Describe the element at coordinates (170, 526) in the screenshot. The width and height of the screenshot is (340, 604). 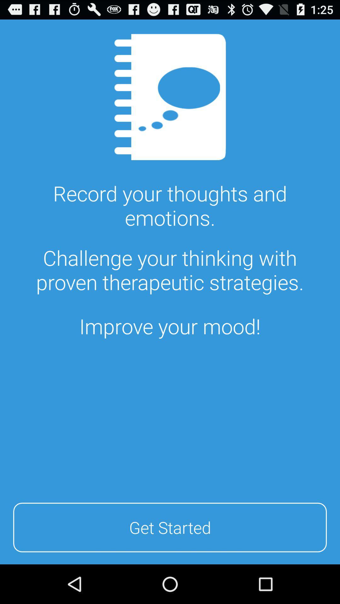
I see `item below the improve your mood!` at that location.